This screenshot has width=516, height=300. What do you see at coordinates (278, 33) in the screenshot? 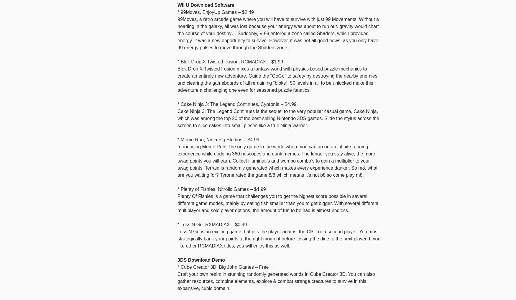
I see `'99Moves, a retro arcade game where you will have to survive with just 99 Movements. Without a heading in the galaxy, all was lost because your energy was about to run out. gravity would chart the course of your destiny… Suddenly, V-99 entered a zone called Shaders, which provided energy. It was a new opportunity to survive. However, it was not all good news, as you only have 99 energy pulses to move through the Shaders zone.'` at bounding box center [278, 33].